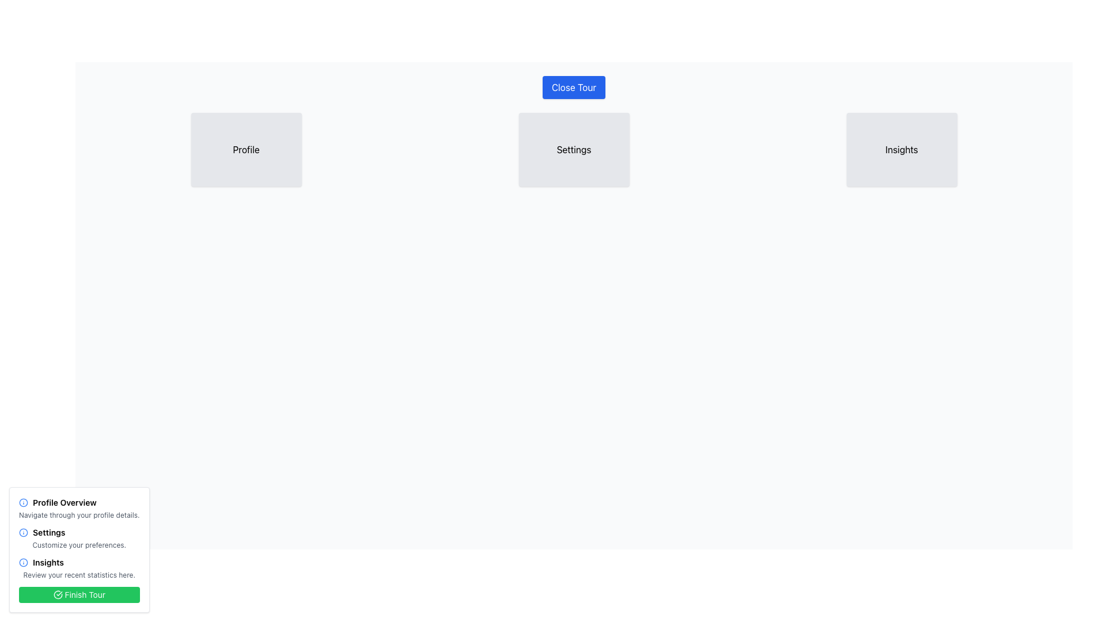 The width and height of the screenshot is (1106, 622). I want to click on the 'Insights' Button or Navigation Tile, which is the rightmost panel among three panels labeled 'Profile', 'Settings', and 'Insights', so click(901, 149).